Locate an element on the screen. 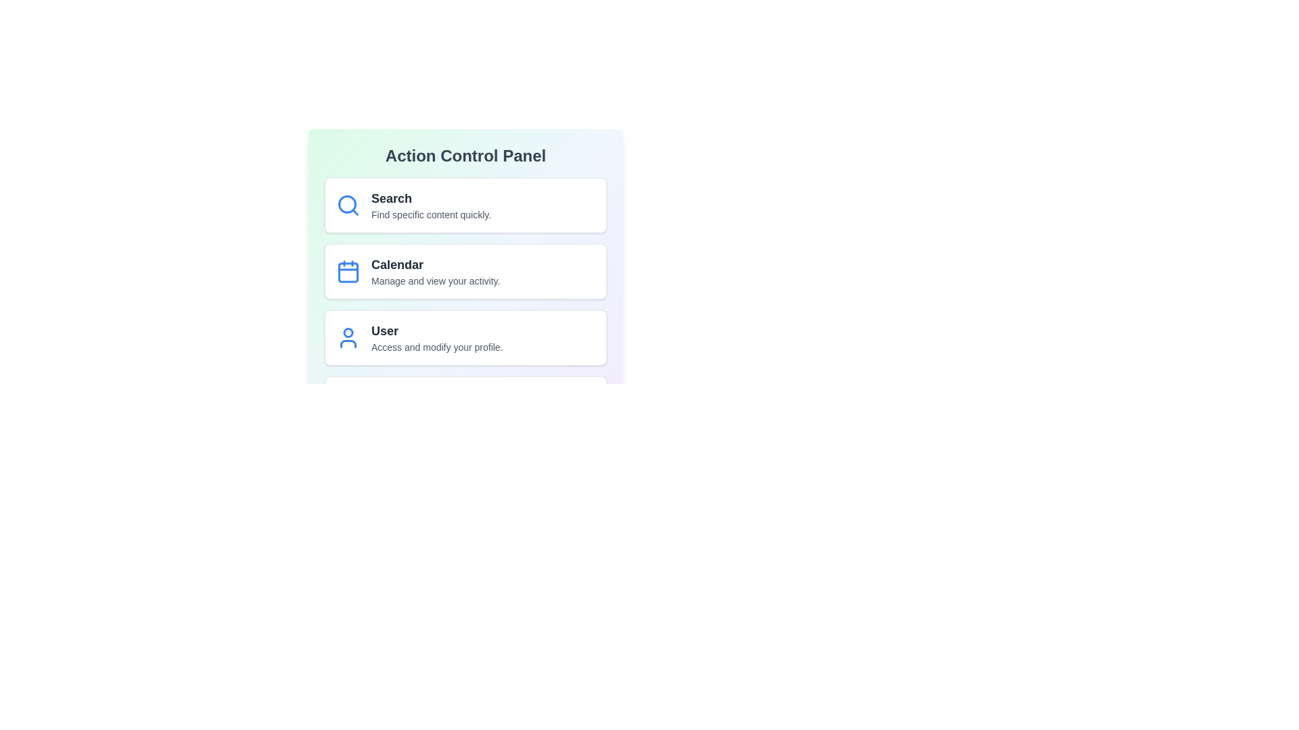  the informational label with bold text 'Search' and standard text 'Find specific content quickly.' in the first card of the 'Action Control Panel' is located at coordinates (430, 205).